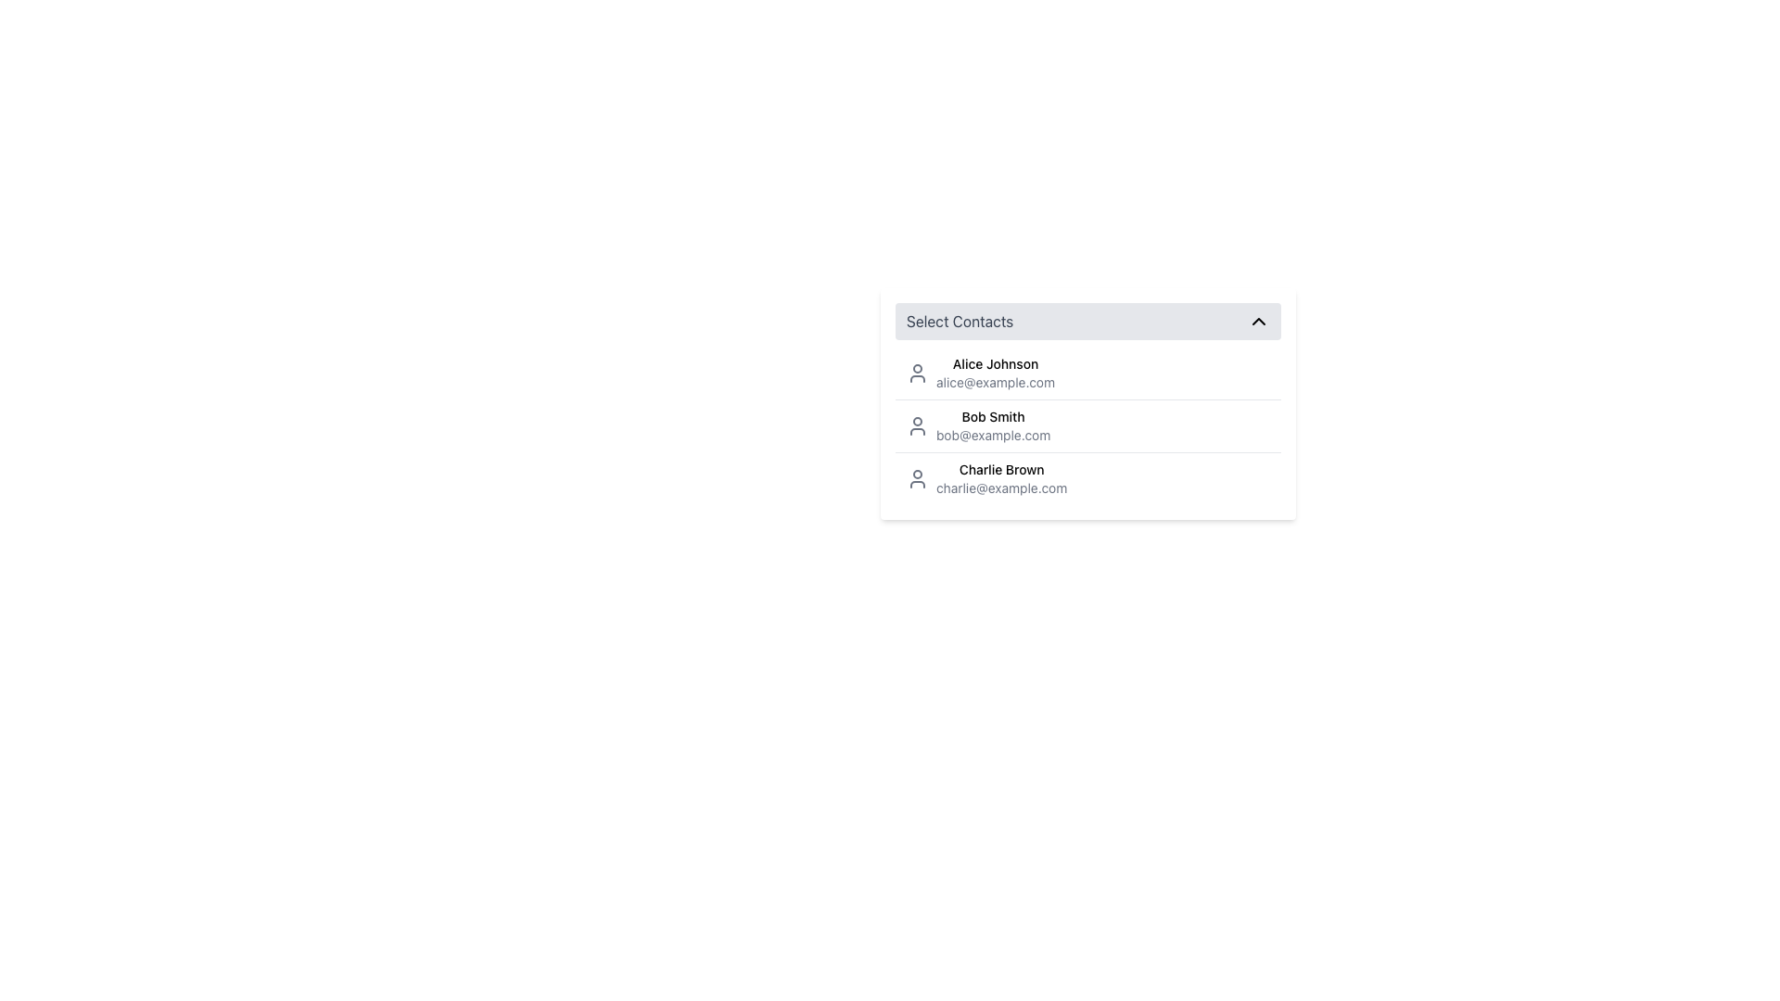  What do you see at coordinates (995, 364) in the screenshot?
I see `text from the selectable label indicating the name of the first visible contact, which is positioned at the top of the dropdown list titled 'Select Contacts.'` at bounding box center [995, 364].